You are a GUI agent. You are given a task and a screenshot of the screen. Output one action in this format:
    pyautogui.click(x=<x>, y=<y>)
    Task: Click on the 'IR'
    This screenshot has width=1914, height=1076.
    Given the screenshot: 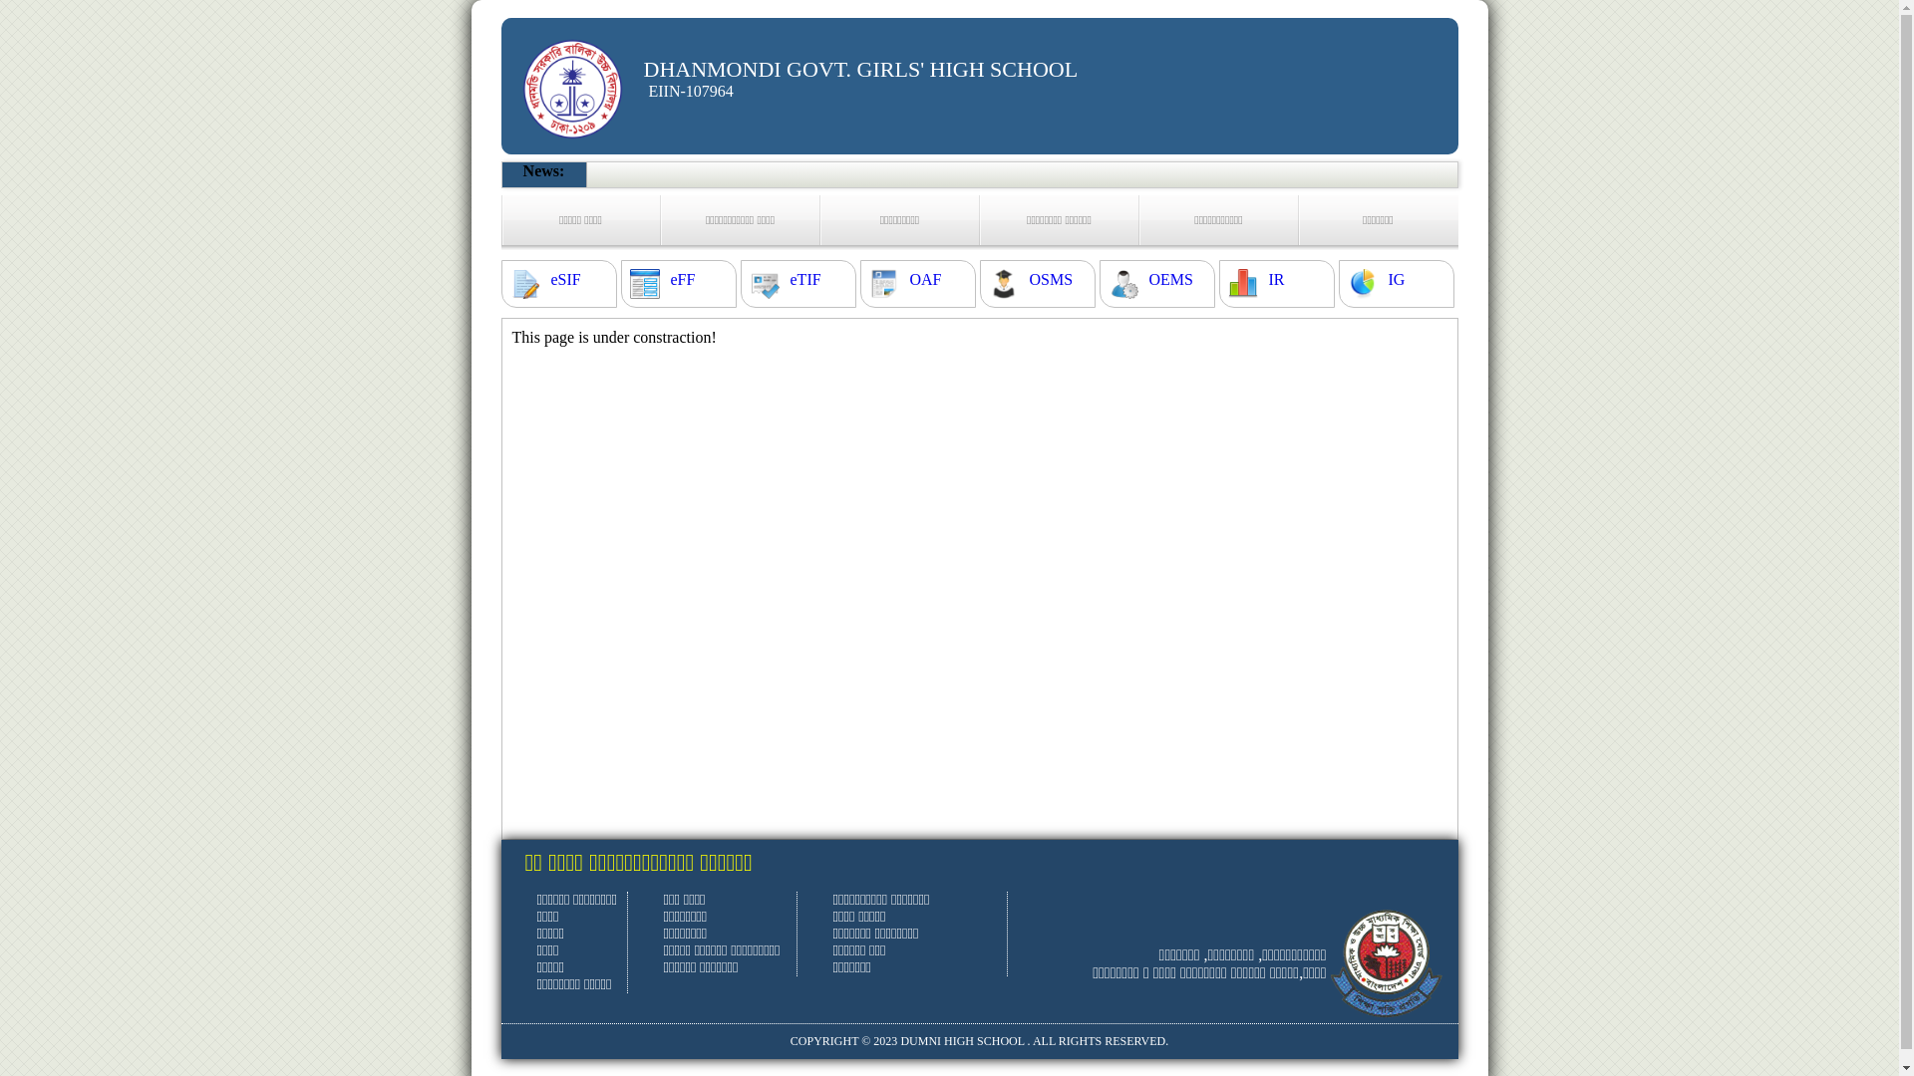 What is the action you would take?
    pyautogui.click(x=1276, y=280)
    